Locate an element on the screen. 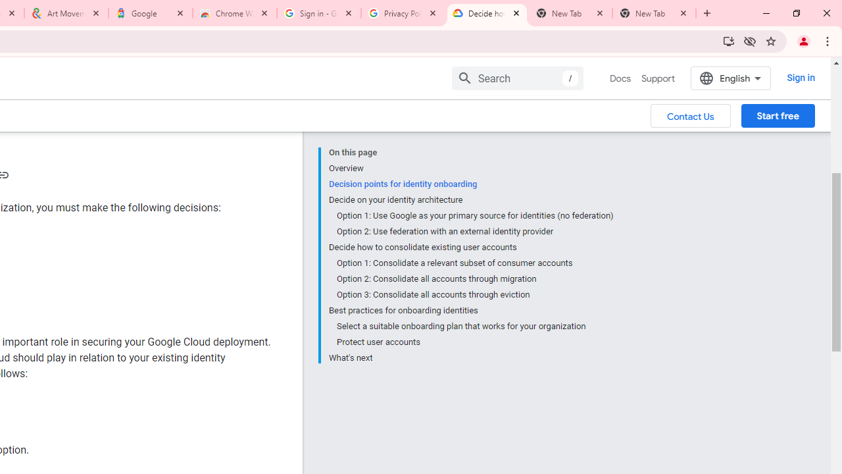 Image resolution: width=842 pixels, height=474 pixels. 'Google' is located at coordinates (151, 13).